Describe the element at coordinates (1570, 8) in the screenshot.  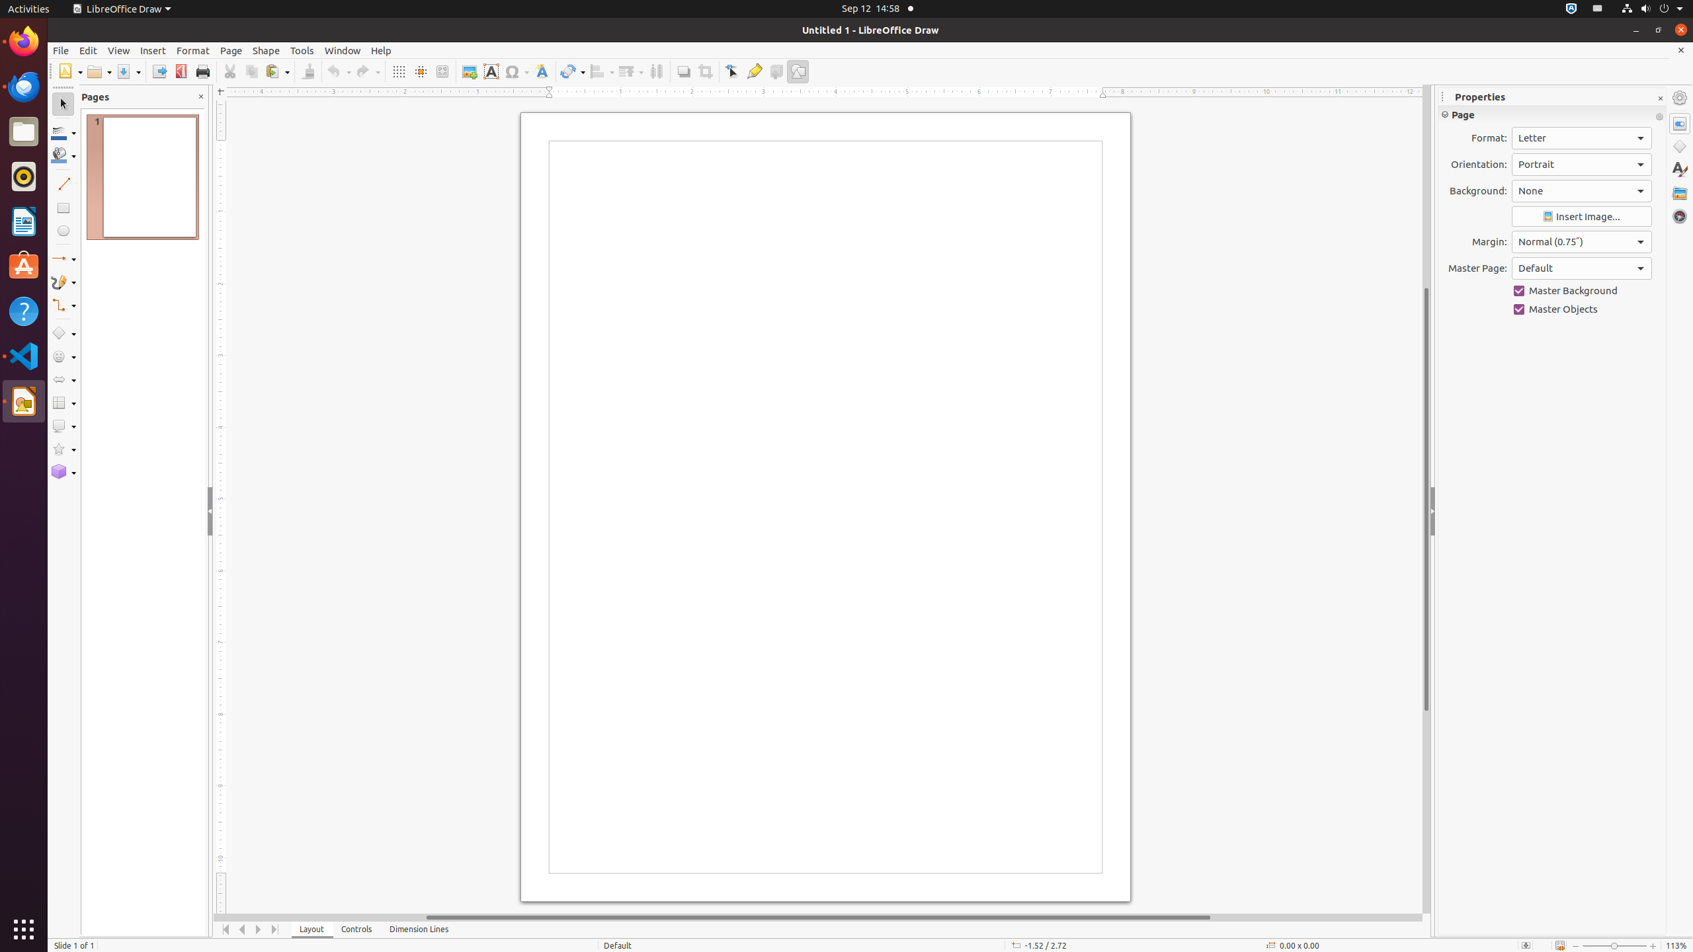
I see `':1.72/StatusNotifierItem'` at that location.